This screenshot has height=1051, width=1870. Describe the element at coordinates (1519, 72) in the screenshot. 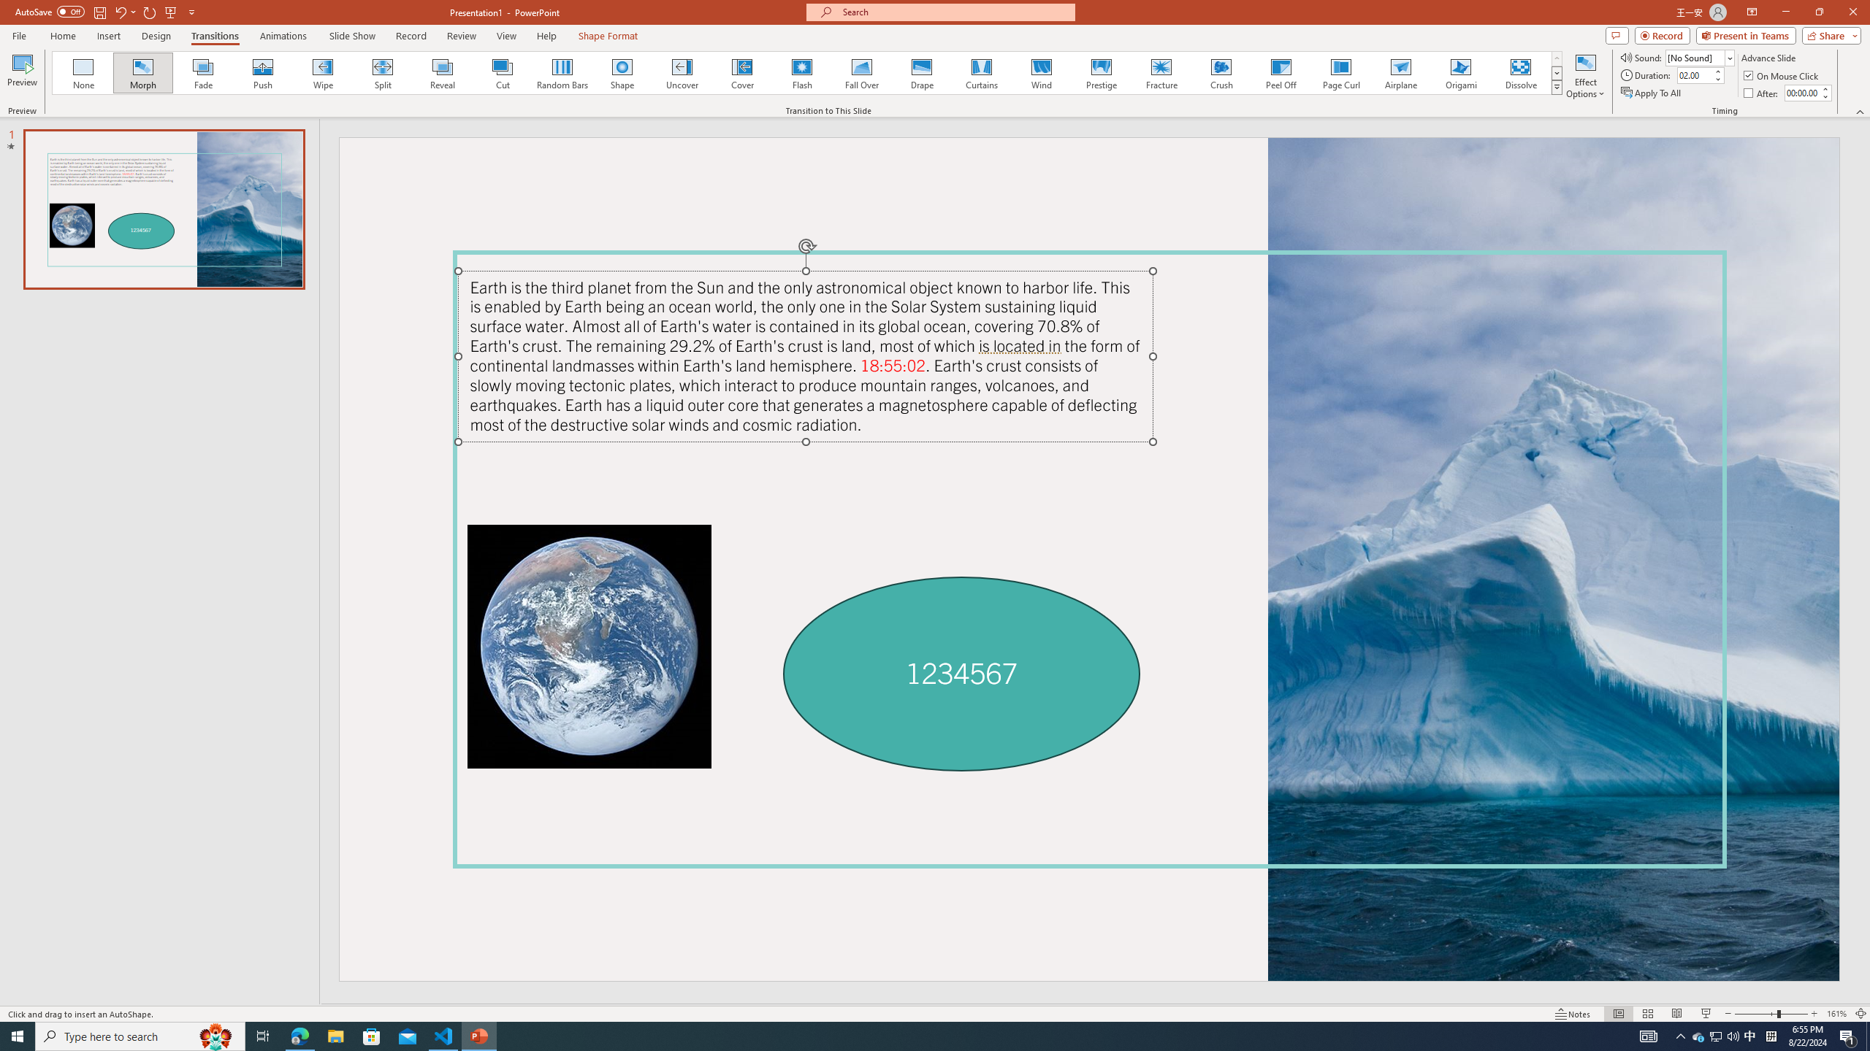

I see `'Dissolve'` at that location.